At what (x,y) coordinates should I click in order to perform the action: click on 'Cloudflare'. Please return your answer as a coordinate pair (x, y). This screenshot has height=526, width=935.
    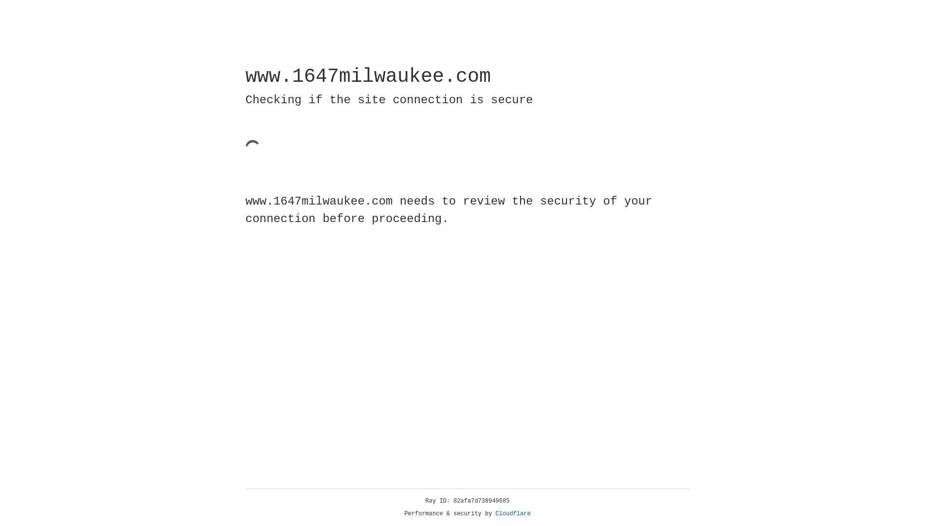
    Looking at the image, I should click on (495, 513).